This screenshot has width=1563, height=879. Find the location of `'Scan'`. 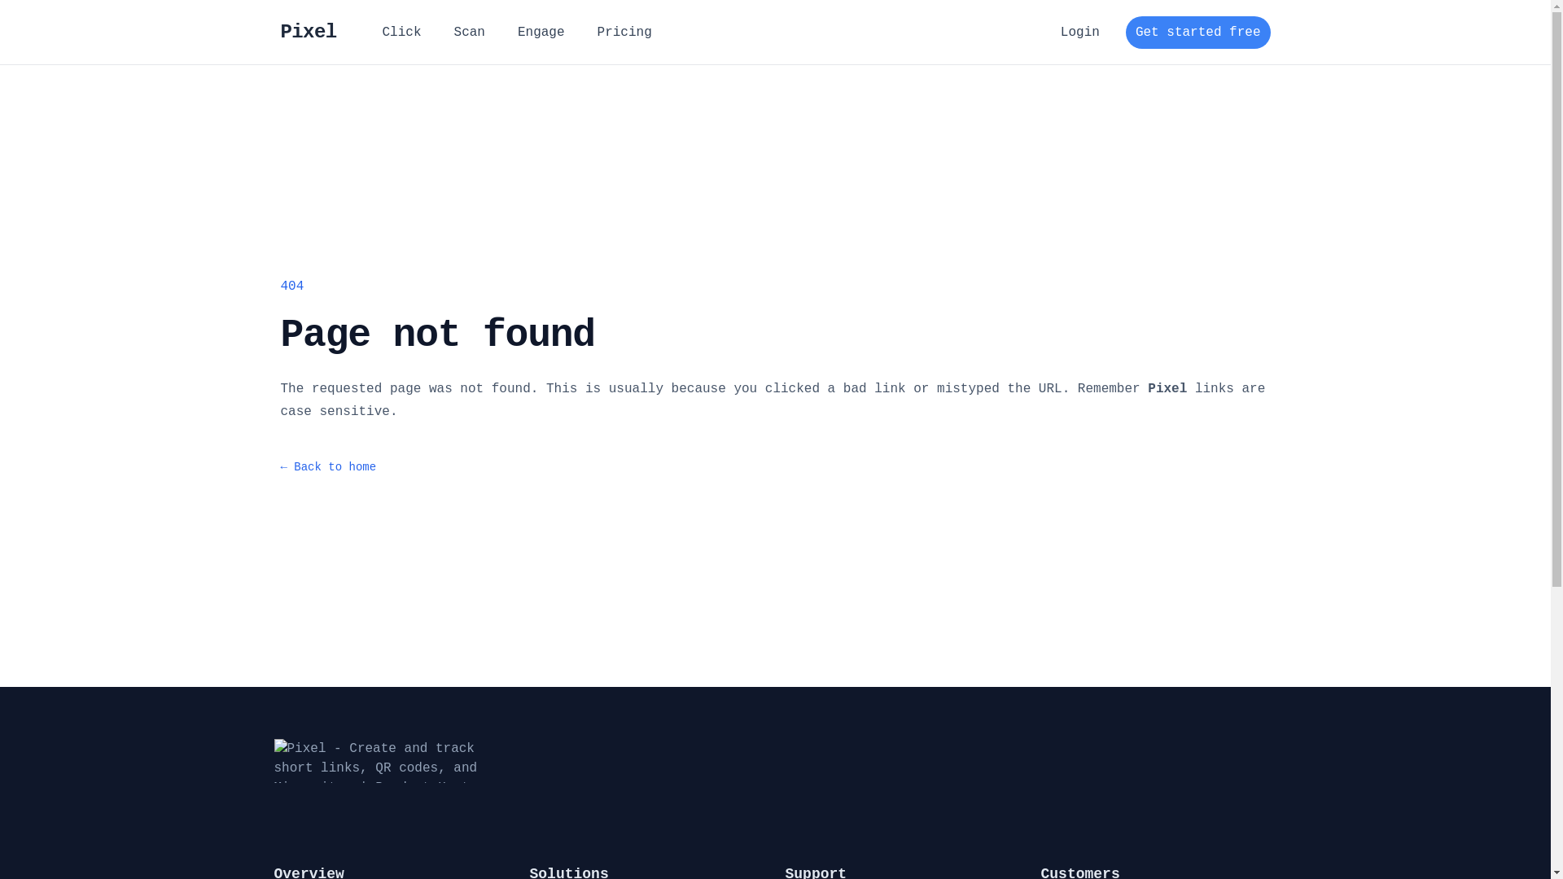

'Scan' is located at coordinates (468, 32).